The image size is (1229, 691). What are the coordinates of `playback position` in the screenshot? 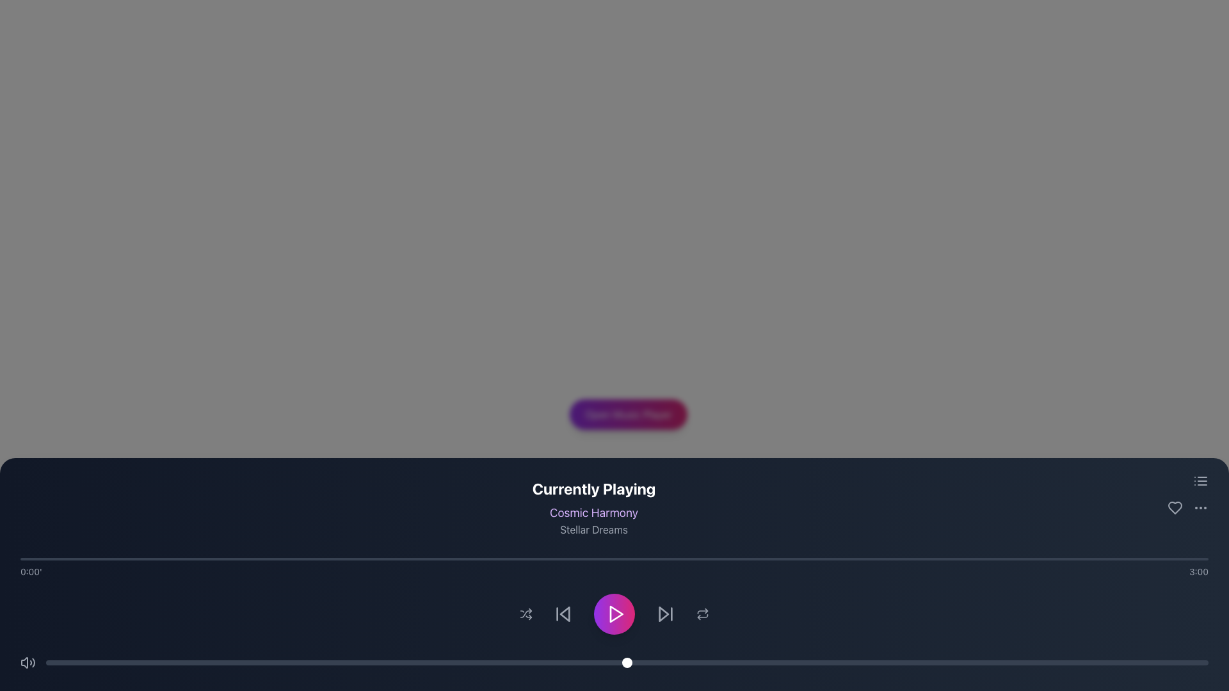 It's located at (357, 559).